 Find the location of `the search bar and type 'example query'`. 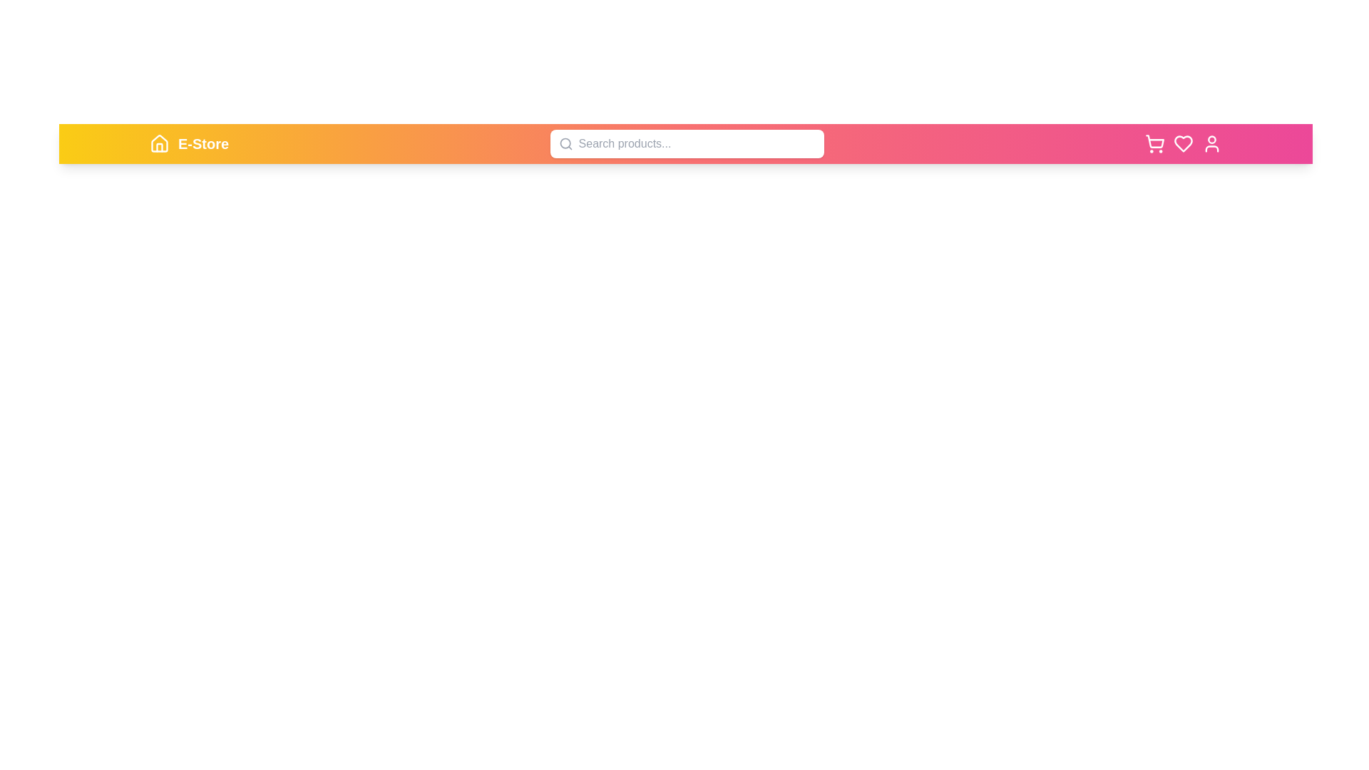

the search bar and type 'example query' is located at coordinates (687, 143).